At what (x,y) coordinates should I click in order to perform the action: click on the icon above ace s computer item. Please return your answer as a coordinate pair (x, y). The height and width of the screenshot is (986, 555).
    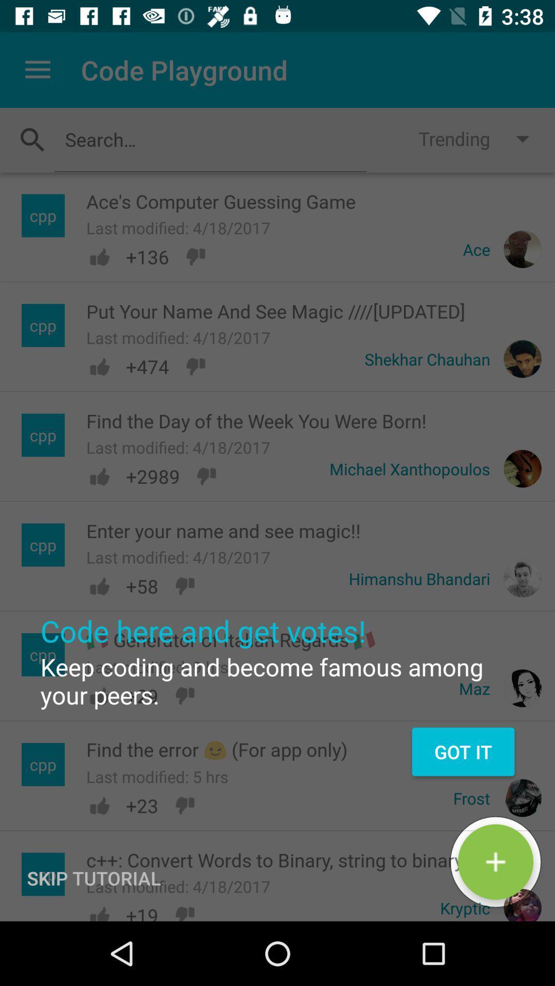
    Looking at the image, I should click on (210, 139).